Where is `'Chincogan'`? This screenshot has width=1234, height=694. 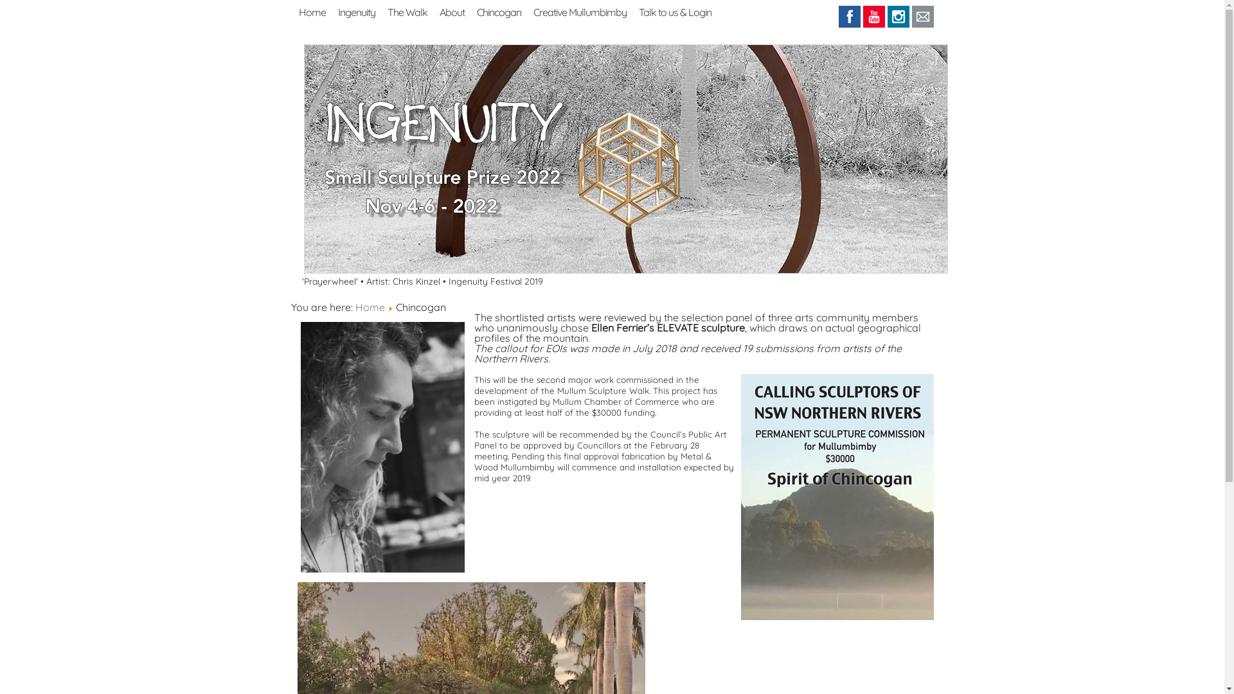
'Chincogan' is located at coordinates (476, 10).